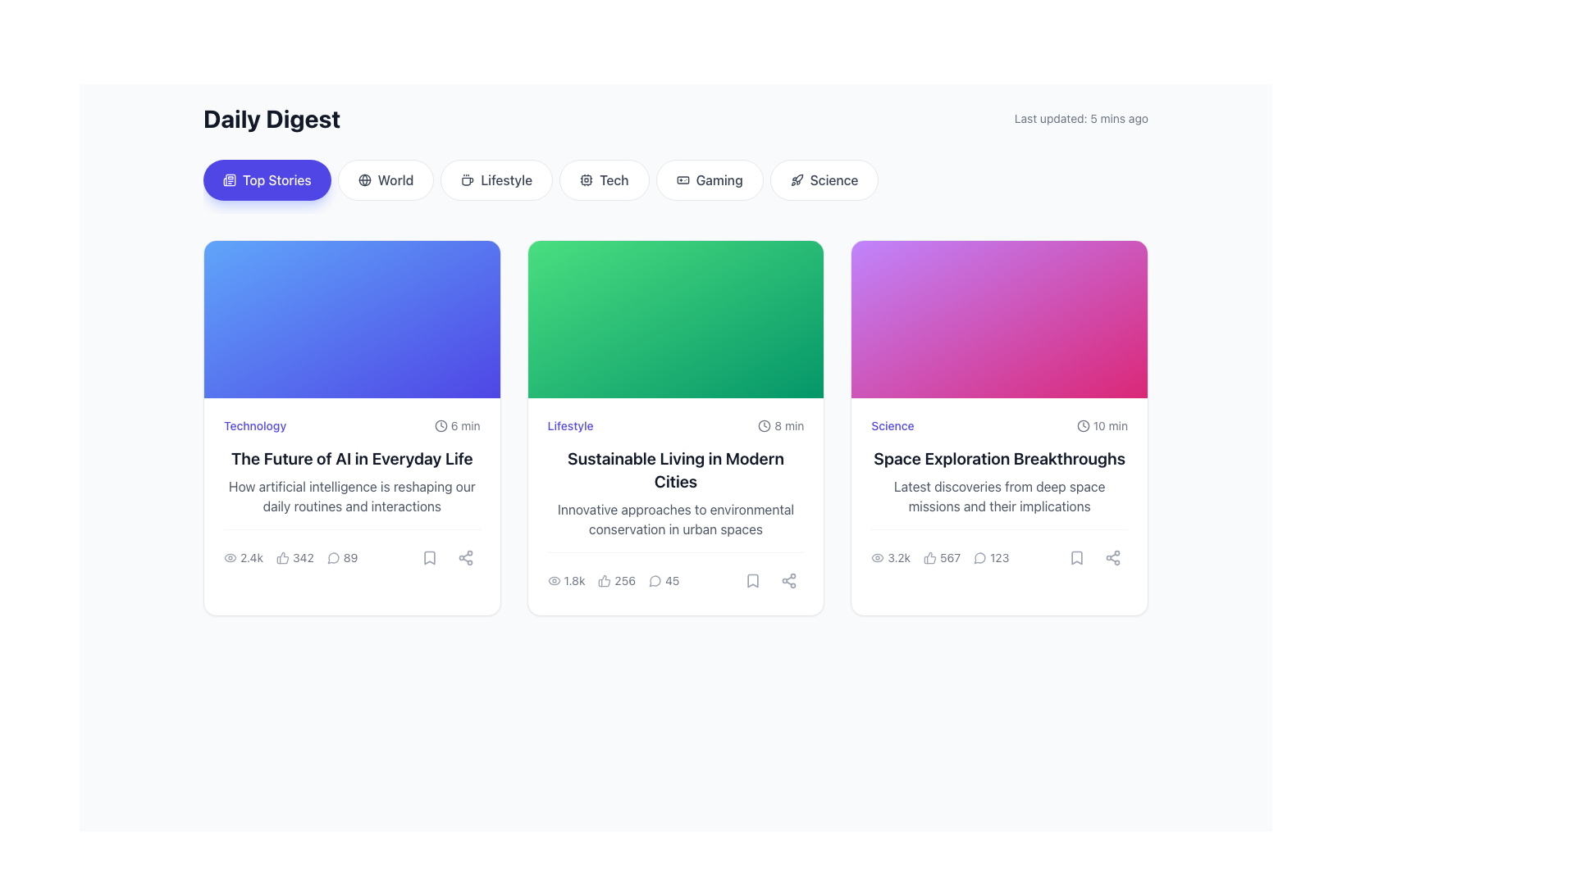 The height and width of the screenshot is (885, 1575). Describe the element at coordinates (676, 573) in the screenshot. I see `the static text with an icon for comments or message count in the card titled 'Sustainable Living in Modern Cities'` at that location.